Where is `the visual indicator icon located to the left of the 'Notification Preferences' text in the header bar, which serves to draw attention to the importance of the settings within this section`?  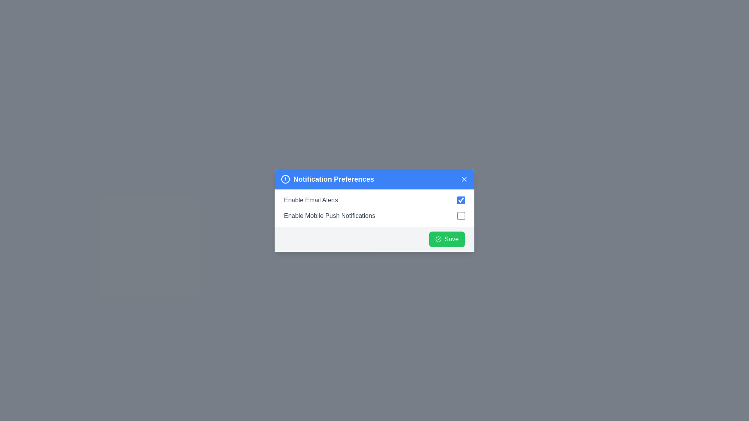 the visual indicator icon located to the left of the 'Notification Preferences' text in the header bar, which serves to draw attention to the importance of the settings within this section is located at coordinates (285, 179).